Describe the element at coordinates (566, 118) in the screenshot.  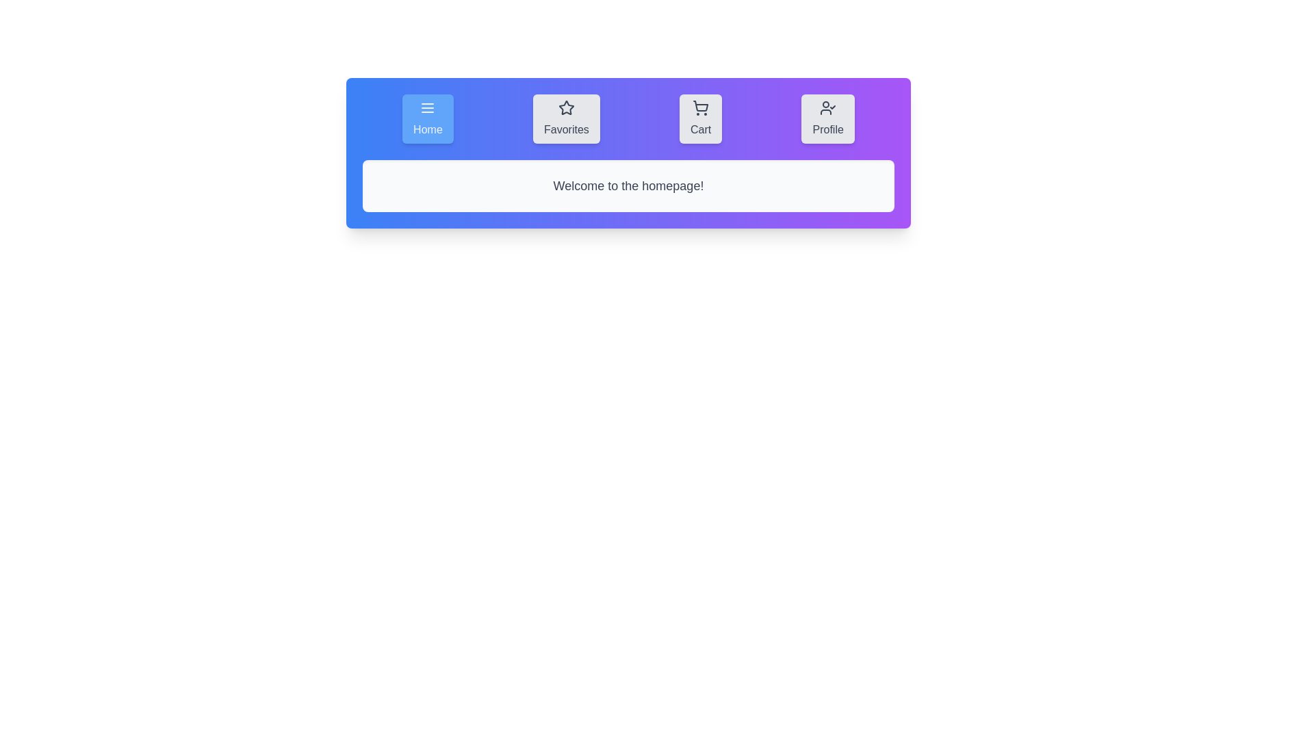
I see `the 'Favorites' navigation button, which features a star icon and a light gray background` at that location.